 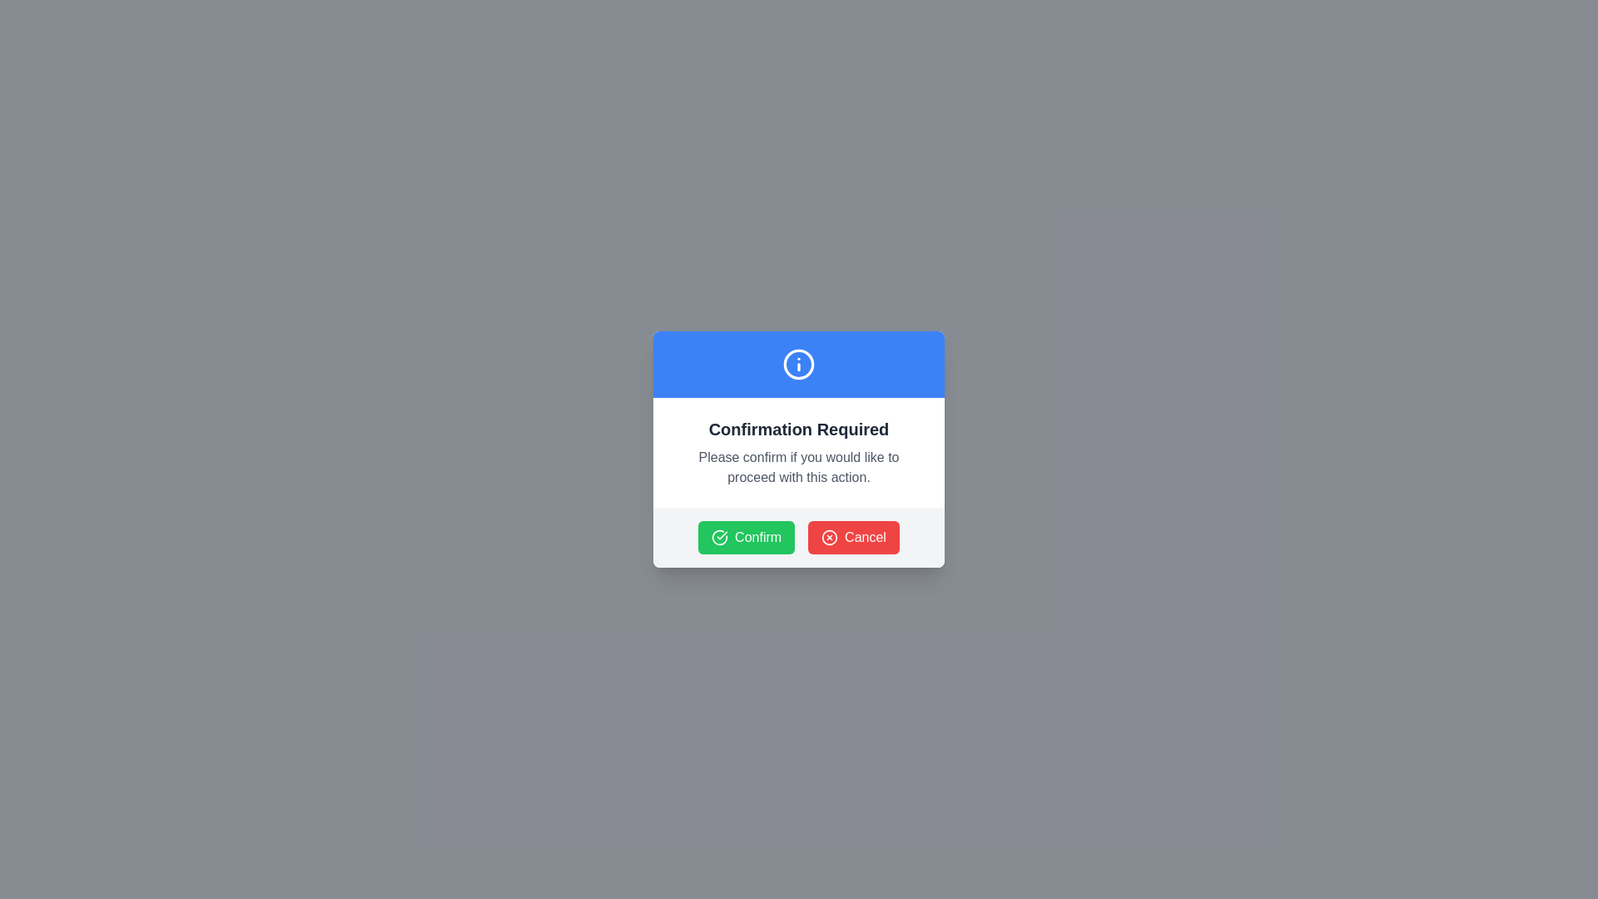 What do you see at coordinates (799, 364) in the screenshot?
I see `the circular information icon with a blue background and white outline, featuring a white 'i' symbol, located in the blue header of the modal window above the title 'Confirmation Required'` at bounding box center [799, 364].